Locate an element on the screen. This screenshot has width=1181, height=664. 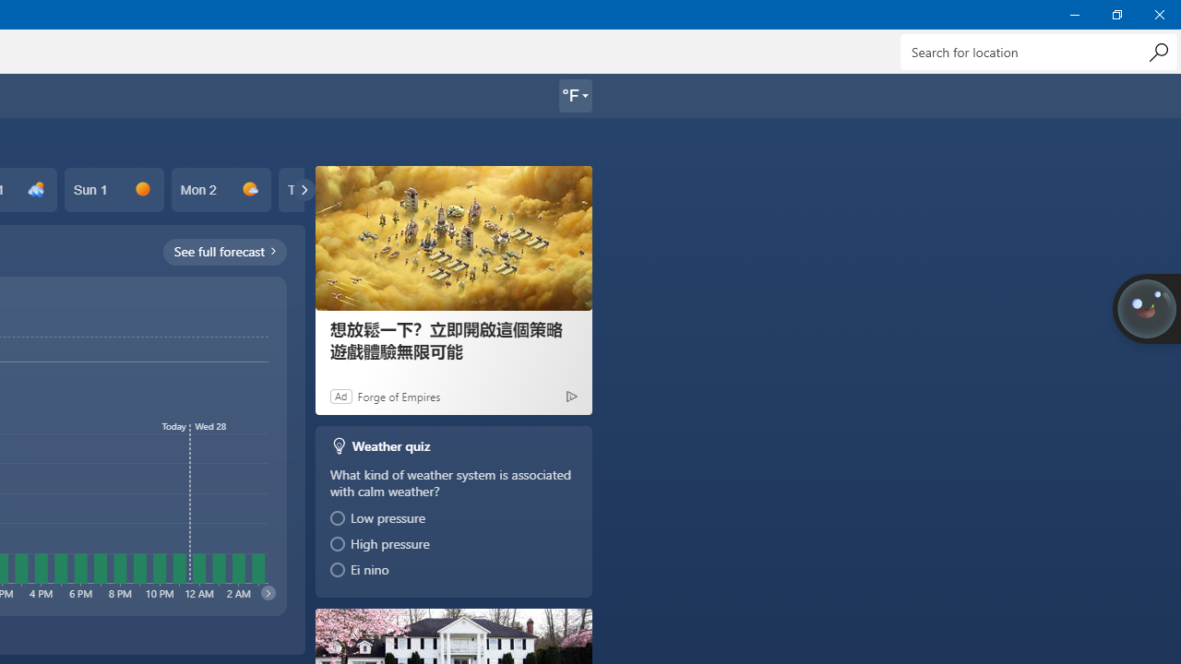
'Restore Weather' is located at coordinates (1115, 14).